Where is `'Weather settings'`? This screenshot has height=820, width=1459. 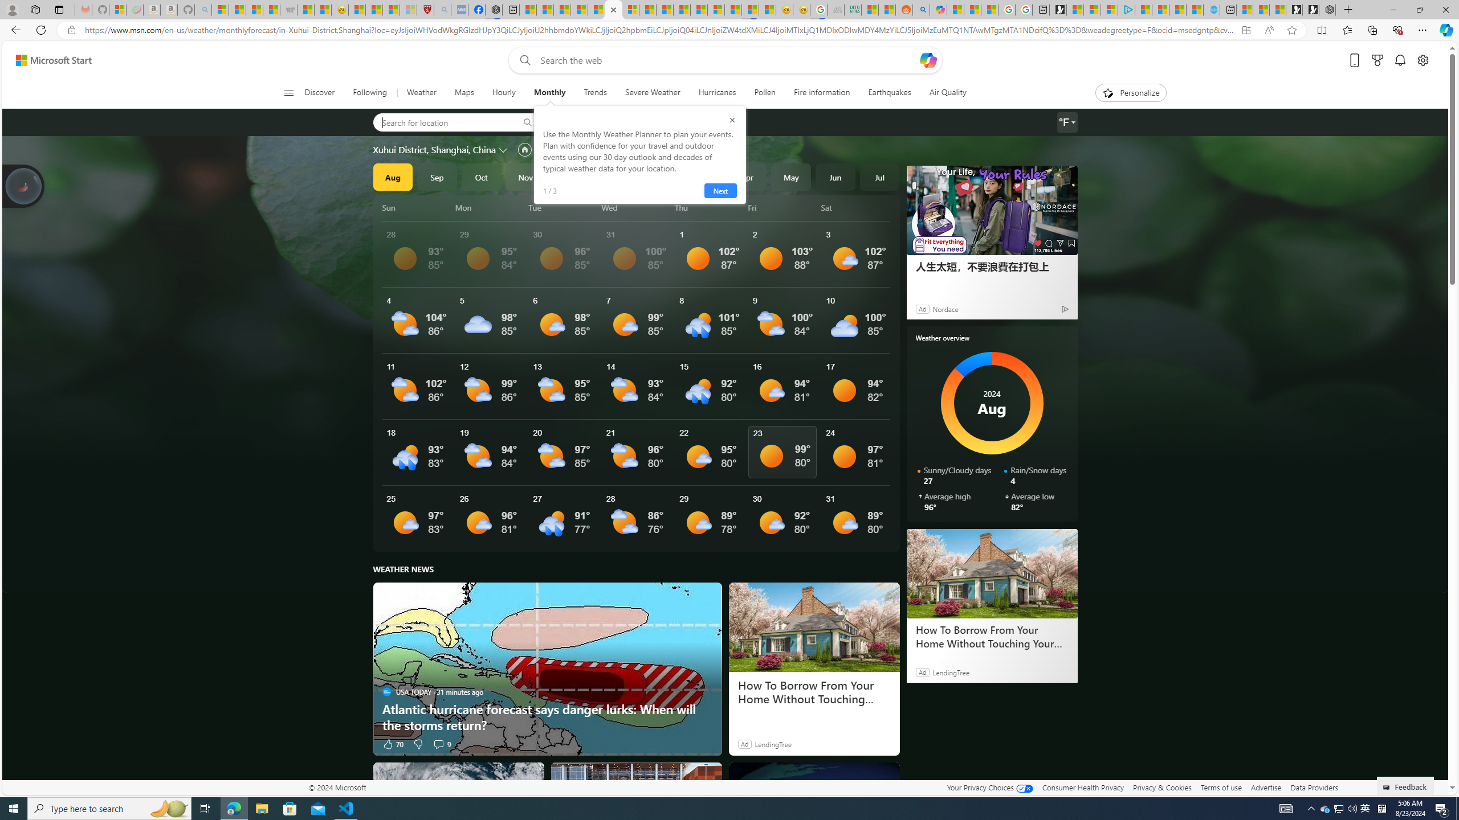 'Weather settings' is located at coordinates (1066, 122).